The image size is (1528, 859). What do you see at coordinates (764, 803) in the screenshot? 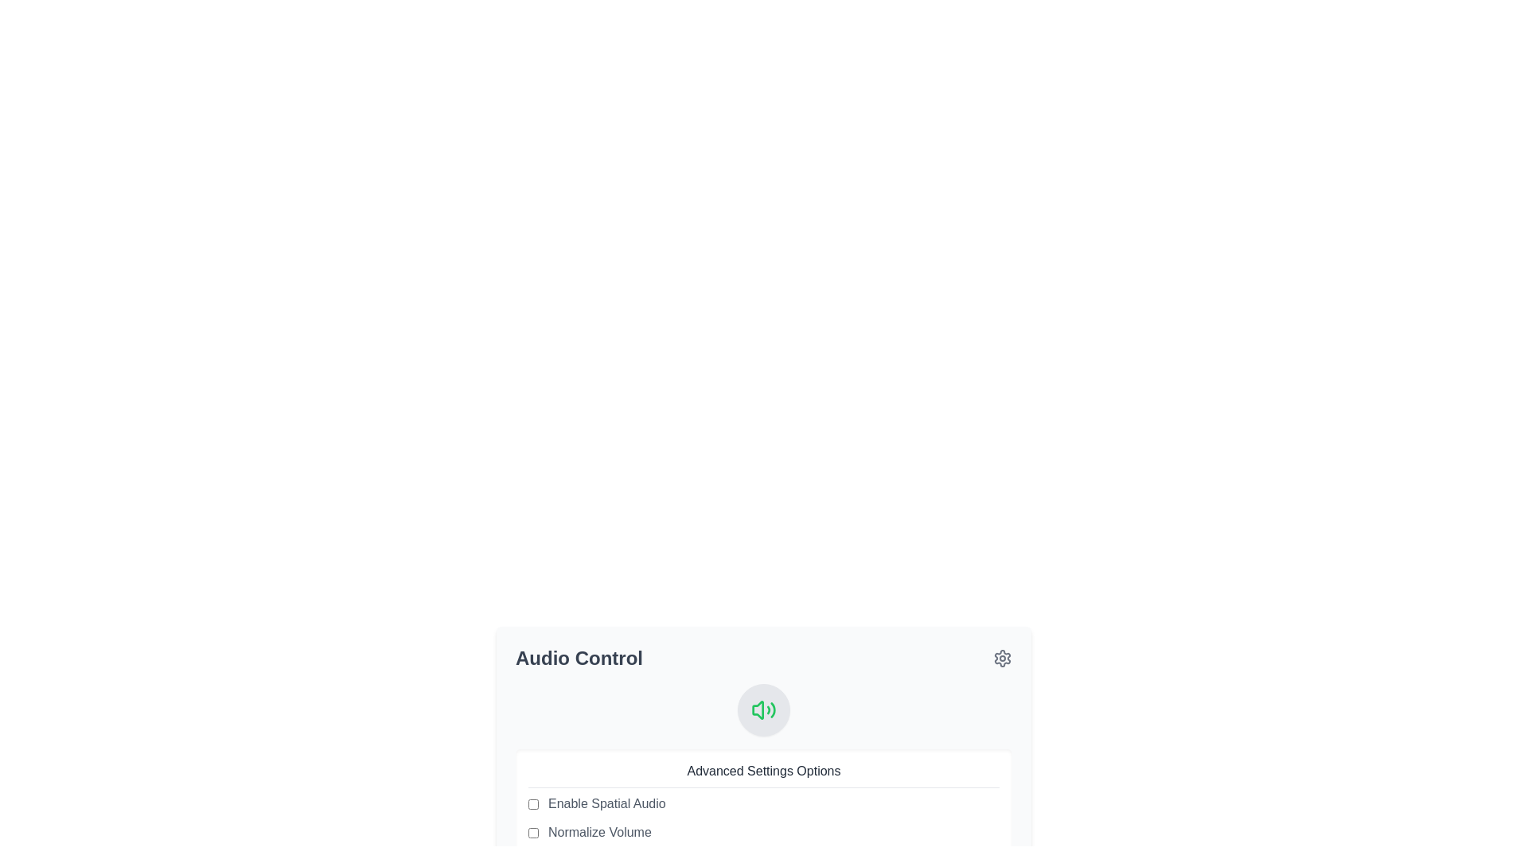
I see `the checkbox labeled 'Enable Spatial Audio'` at bounding box center [764, 803].